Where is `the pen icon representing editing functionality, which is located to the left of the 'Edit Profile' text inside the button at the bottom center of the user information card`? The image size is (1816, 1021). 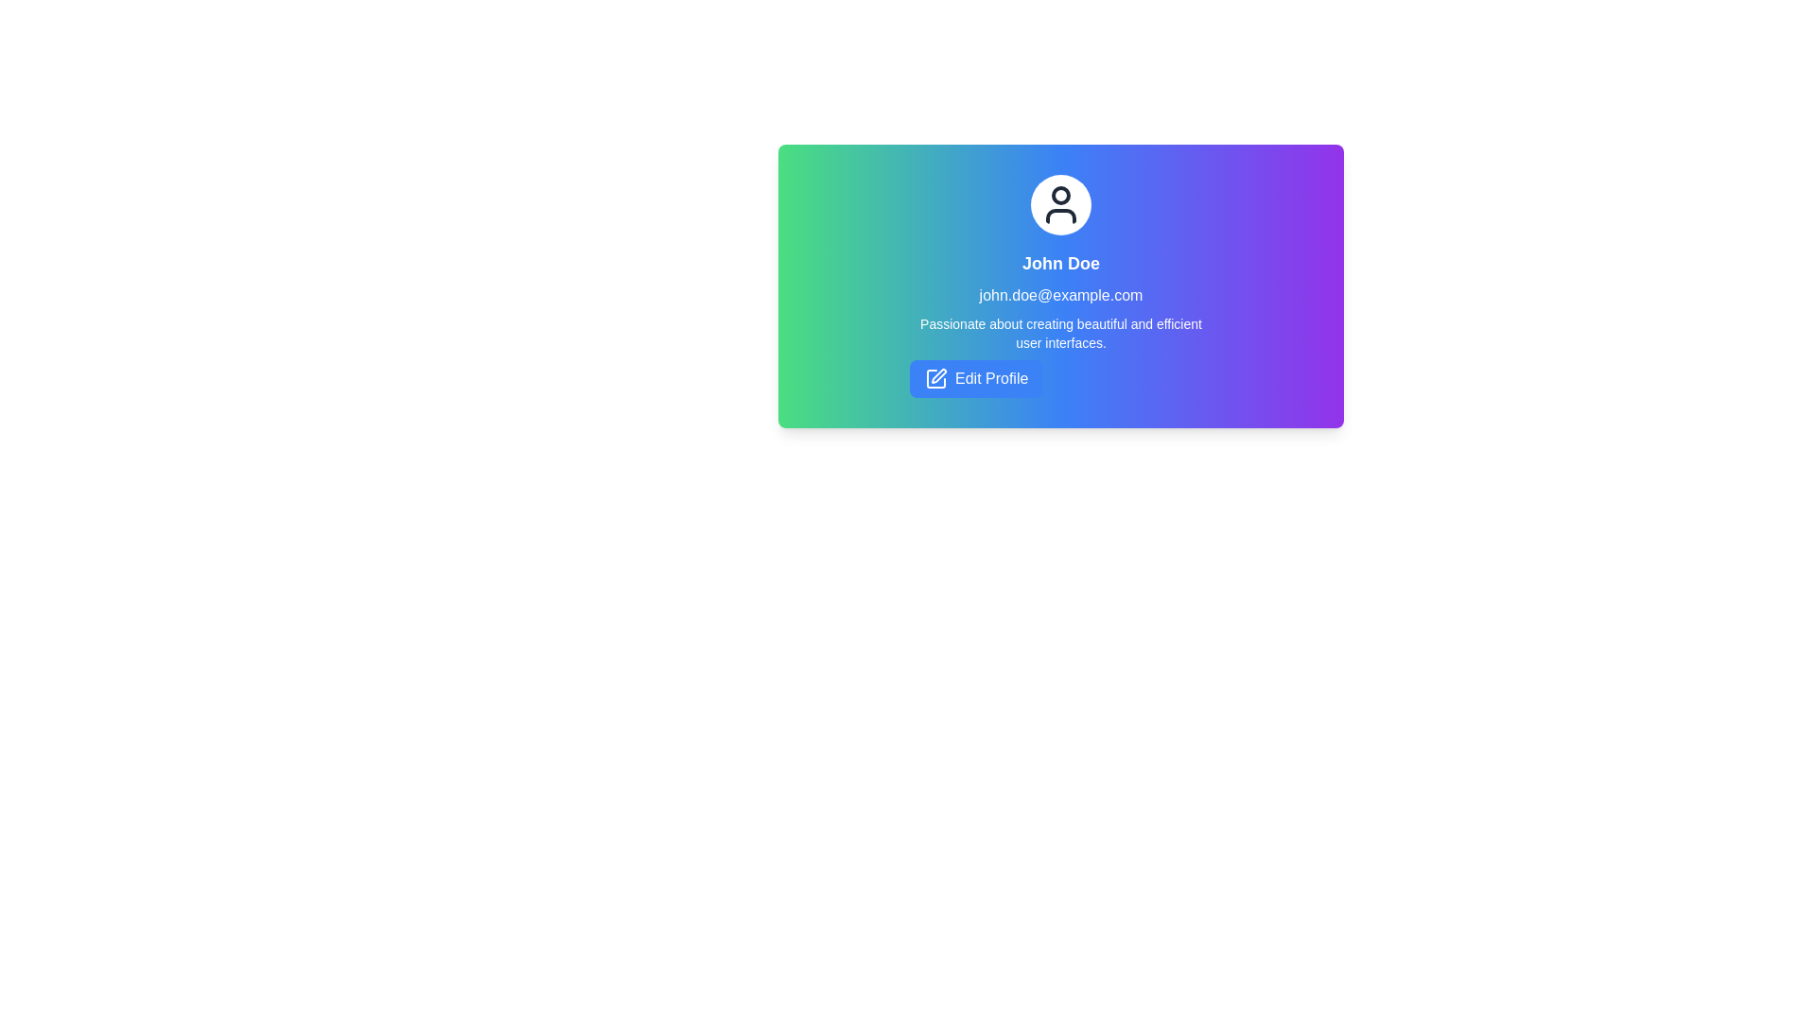
the pen icon representing editing functionality, which is located to the left of the 'Edit Profile' text inside the button at the bottom center of the user information card is located at coordinates (935, 379).